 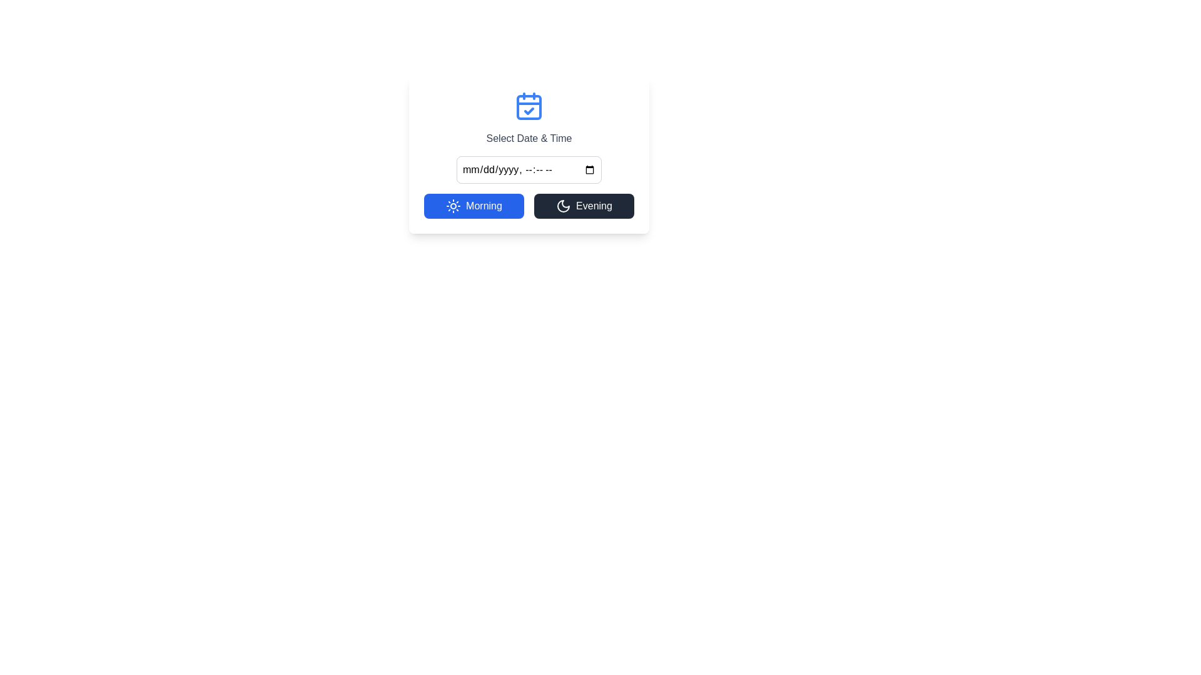 I want to click on the 'Morning' button, which is the first button in a pair of buttons for selecting time periods, to trigger the hover effect, so click(x=474, y=206).